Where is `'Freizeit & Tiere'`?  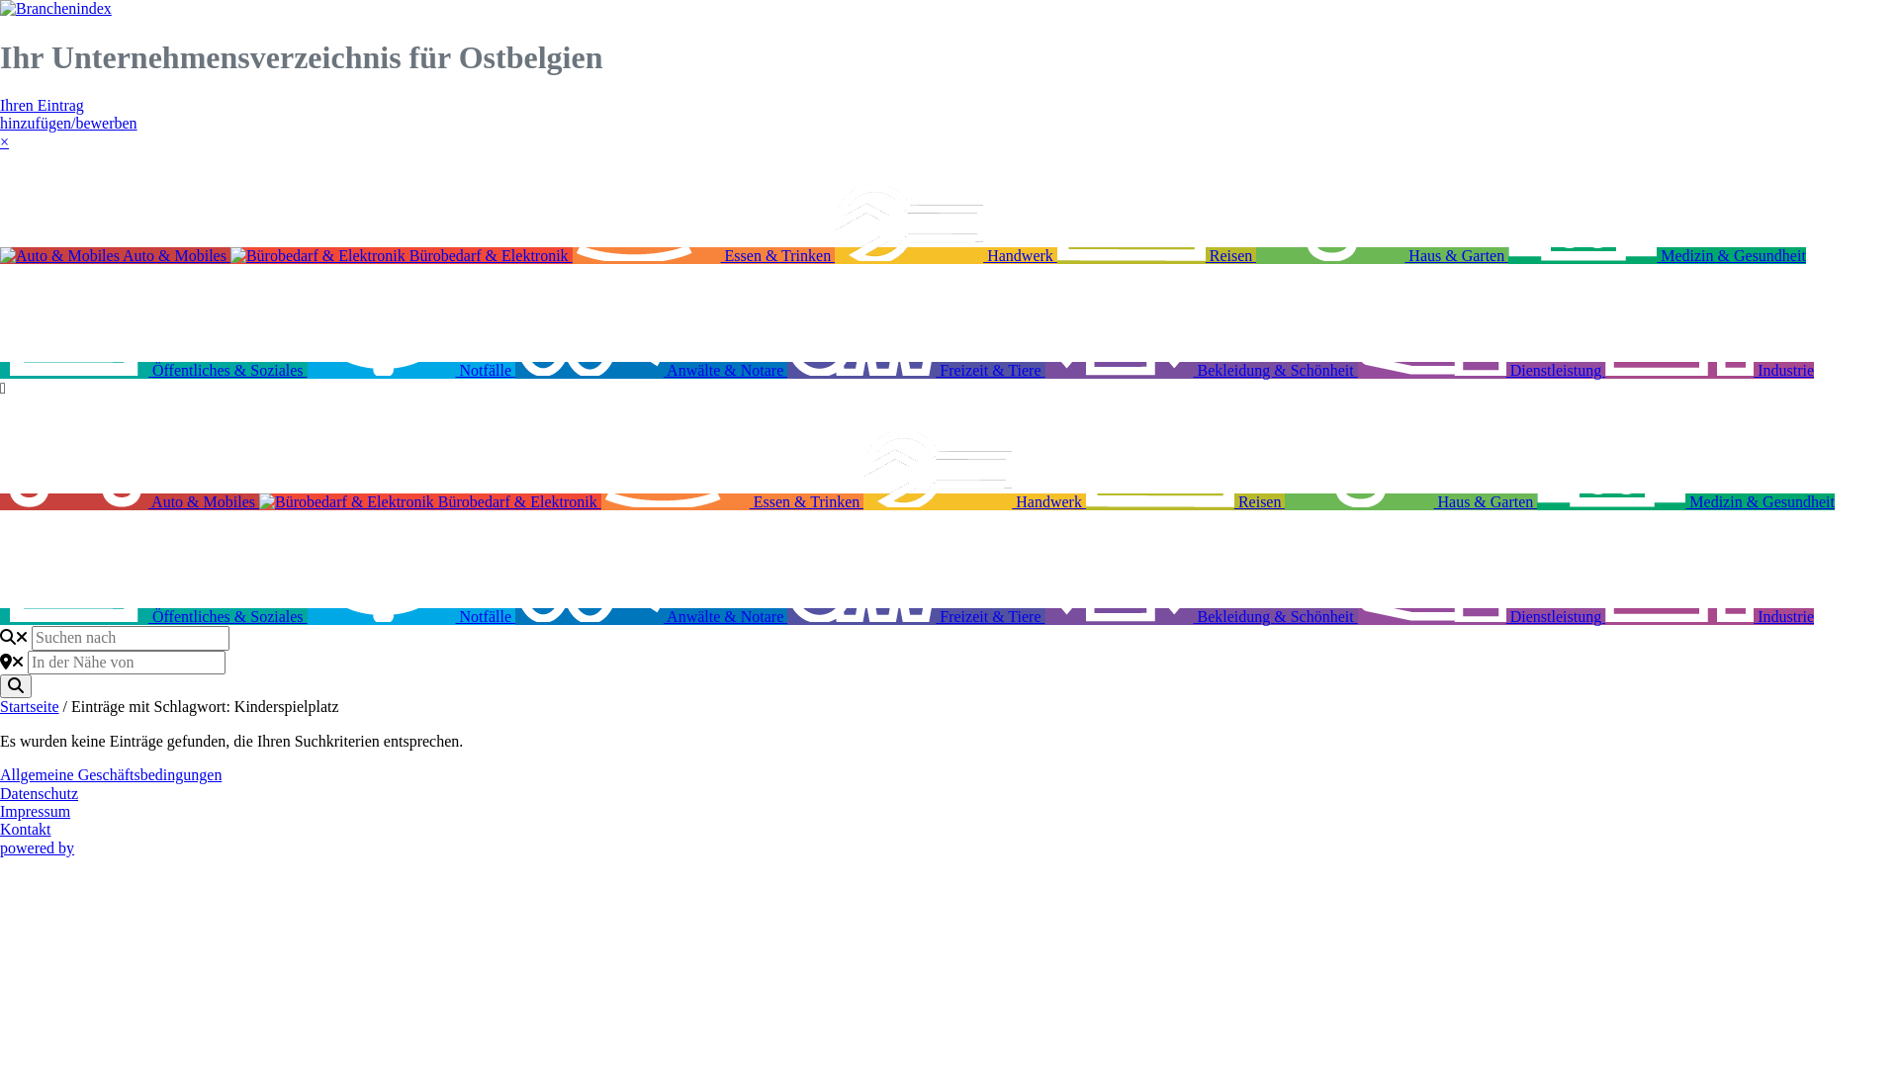 'Freizeit & Tiere' is located at coordinates (915, 370).